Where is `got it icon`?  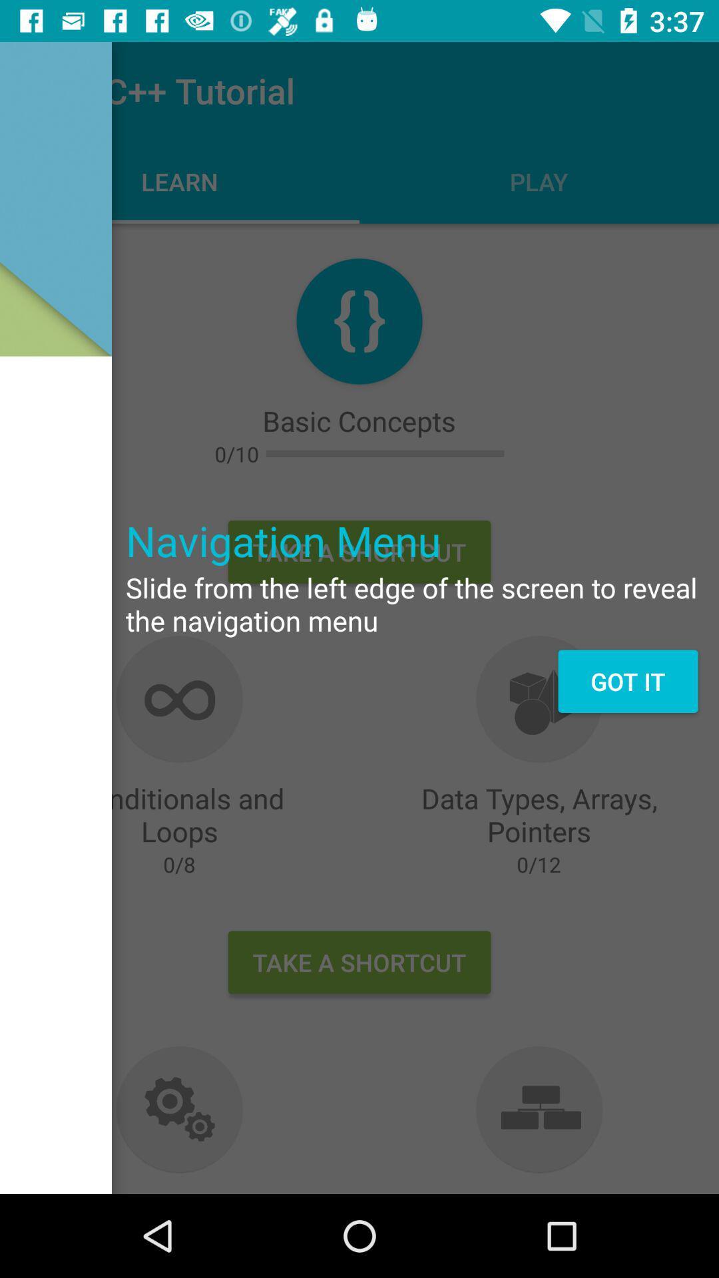
got it icon is located at coordinates (628, 681).